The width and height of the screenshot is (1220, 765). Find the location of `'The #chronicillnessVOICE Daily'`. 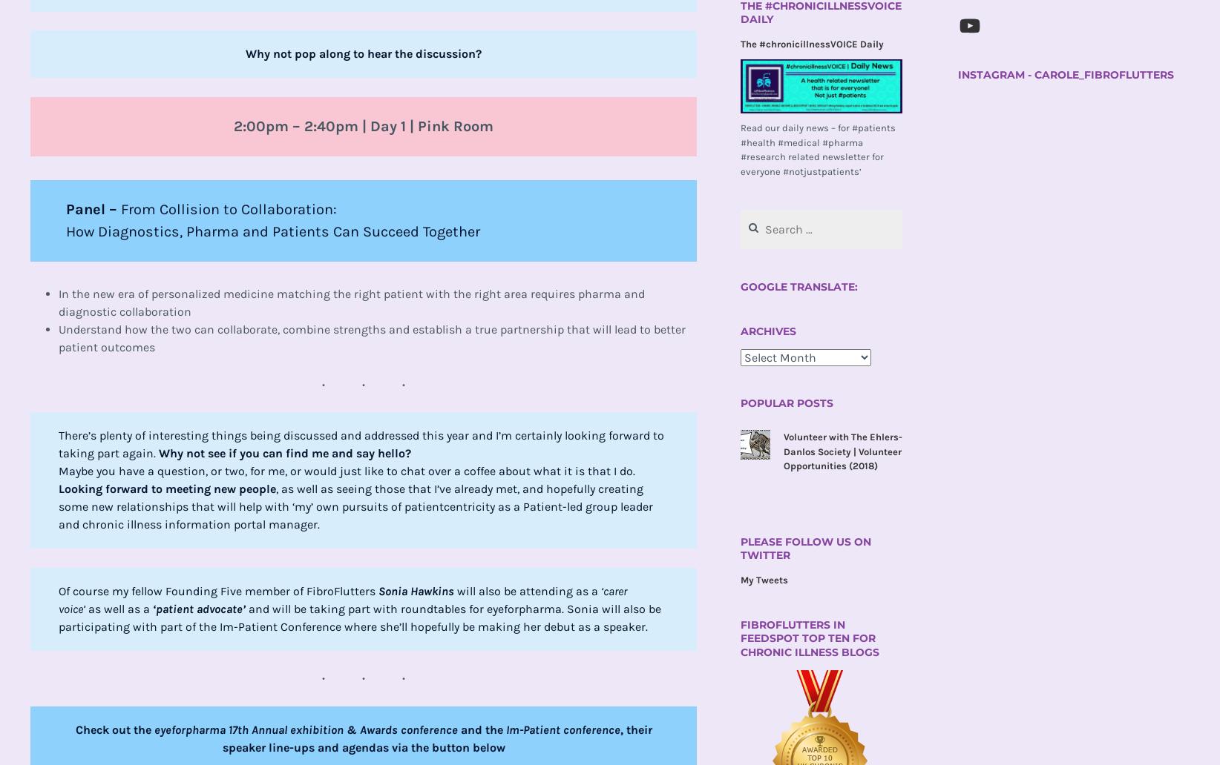

'The #chronicillnessVOICE Daily' is located at coordinates (811, 44).